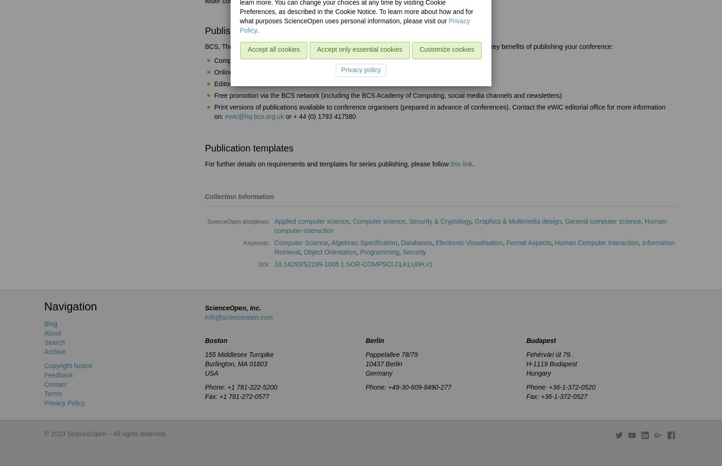  Describe the element at coordinates (330, 252) in the screenshot. I see `'Object Orientation'` at that location.